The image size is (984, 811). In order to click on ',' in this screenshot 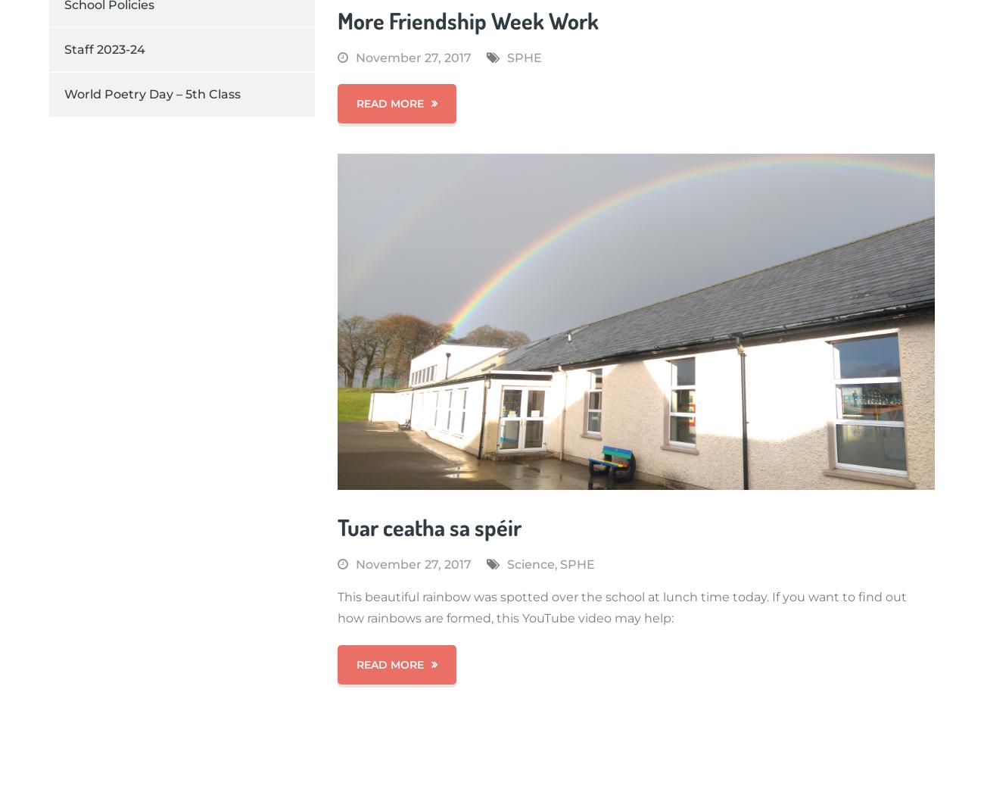, I will do `click(554, 563)`.